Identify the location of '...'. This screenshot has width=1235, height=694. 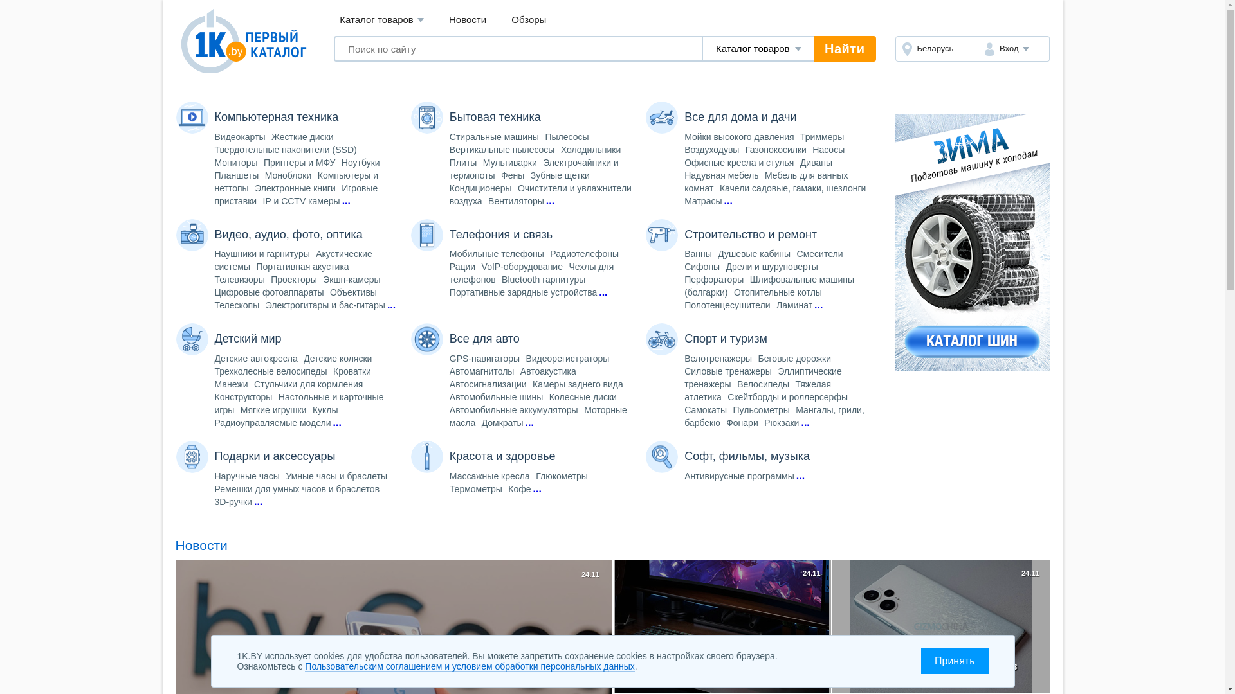
(550, 200).